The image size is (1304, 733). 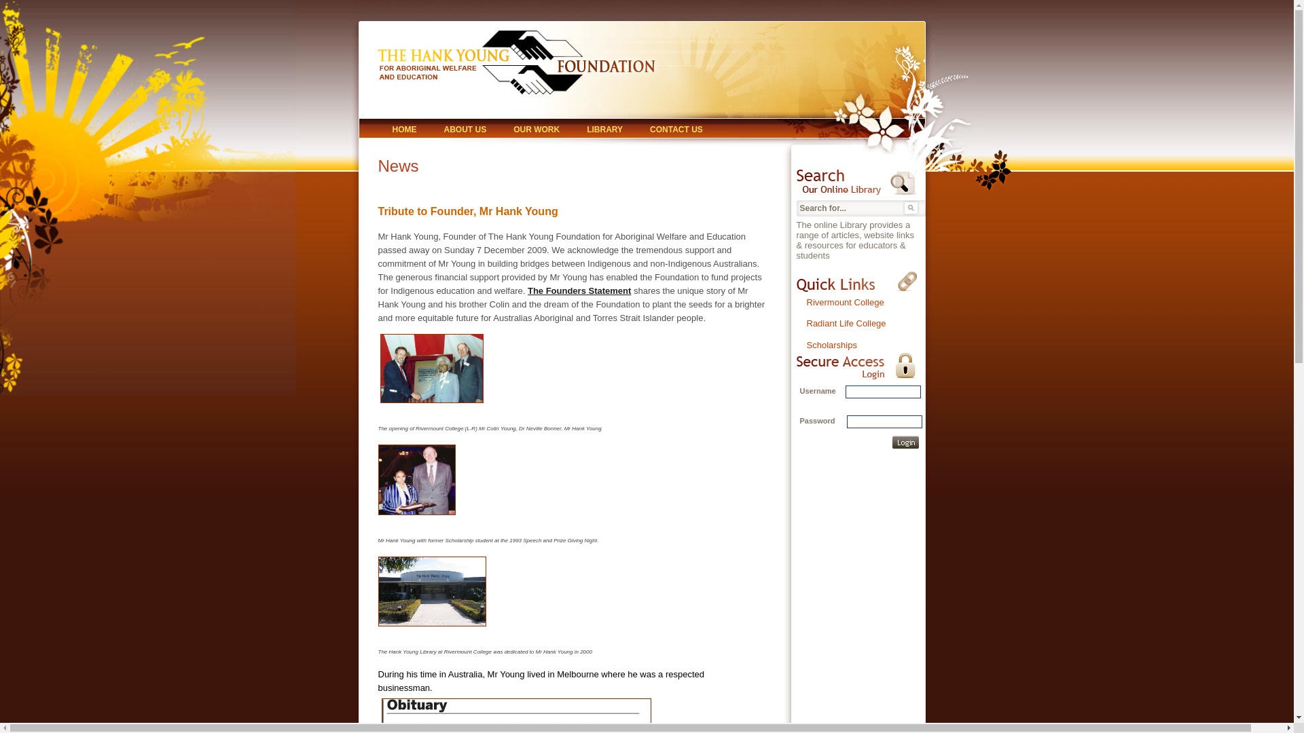 I want to click on 'OUR WORK', so click(x=536, y=130).